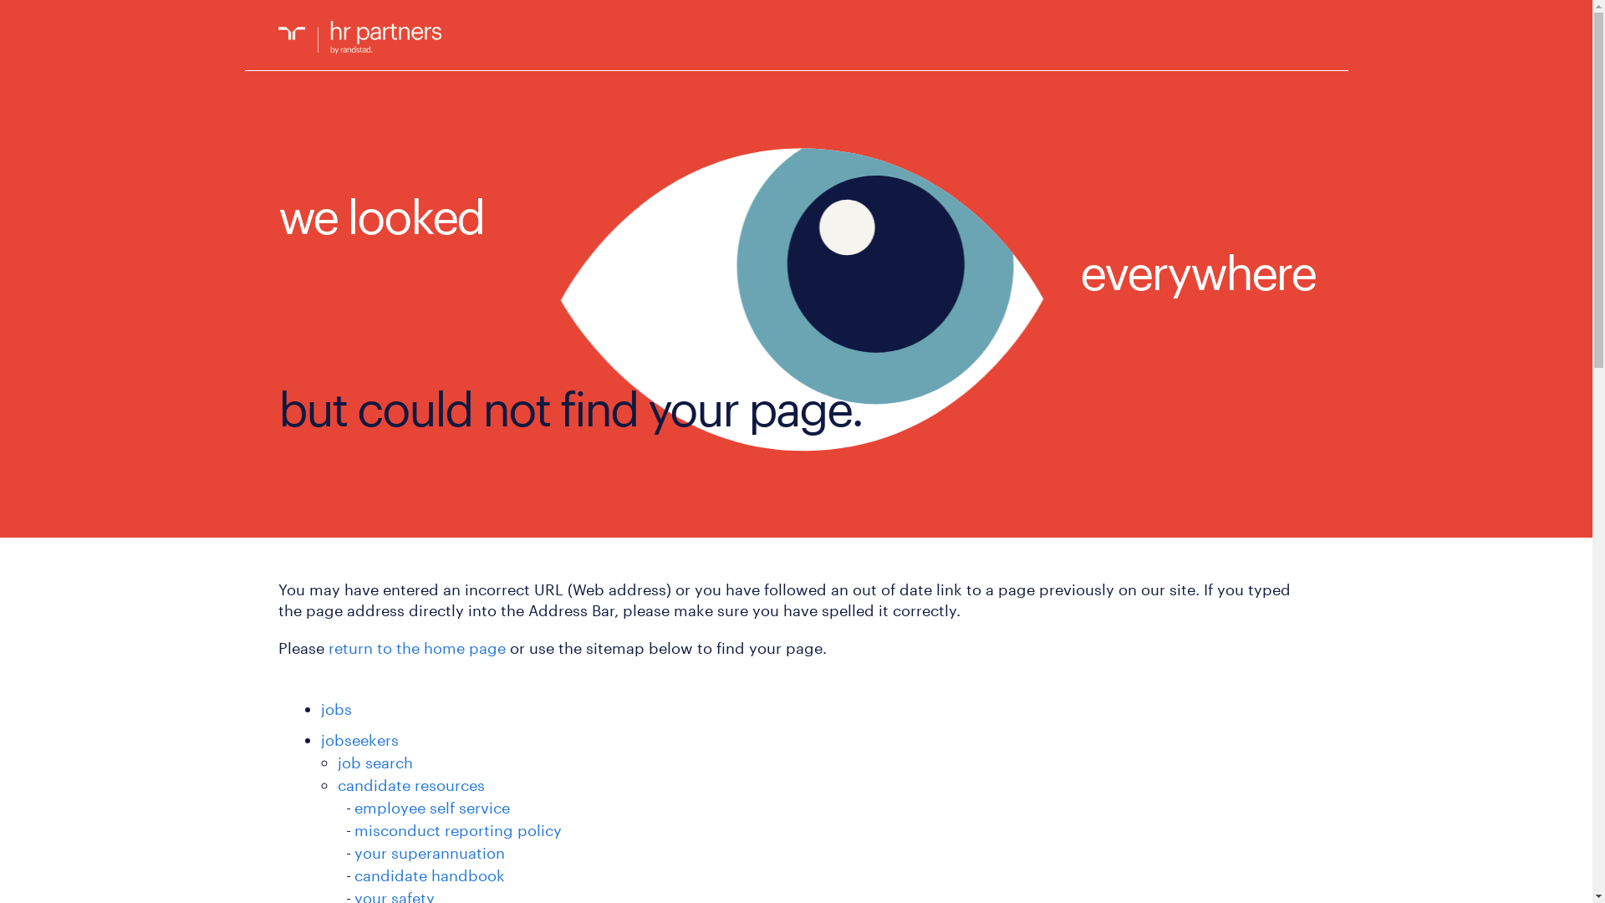  Describe the element at coordinates (321, 738) in the screenshot. I see `'jobseekers'` at that location.